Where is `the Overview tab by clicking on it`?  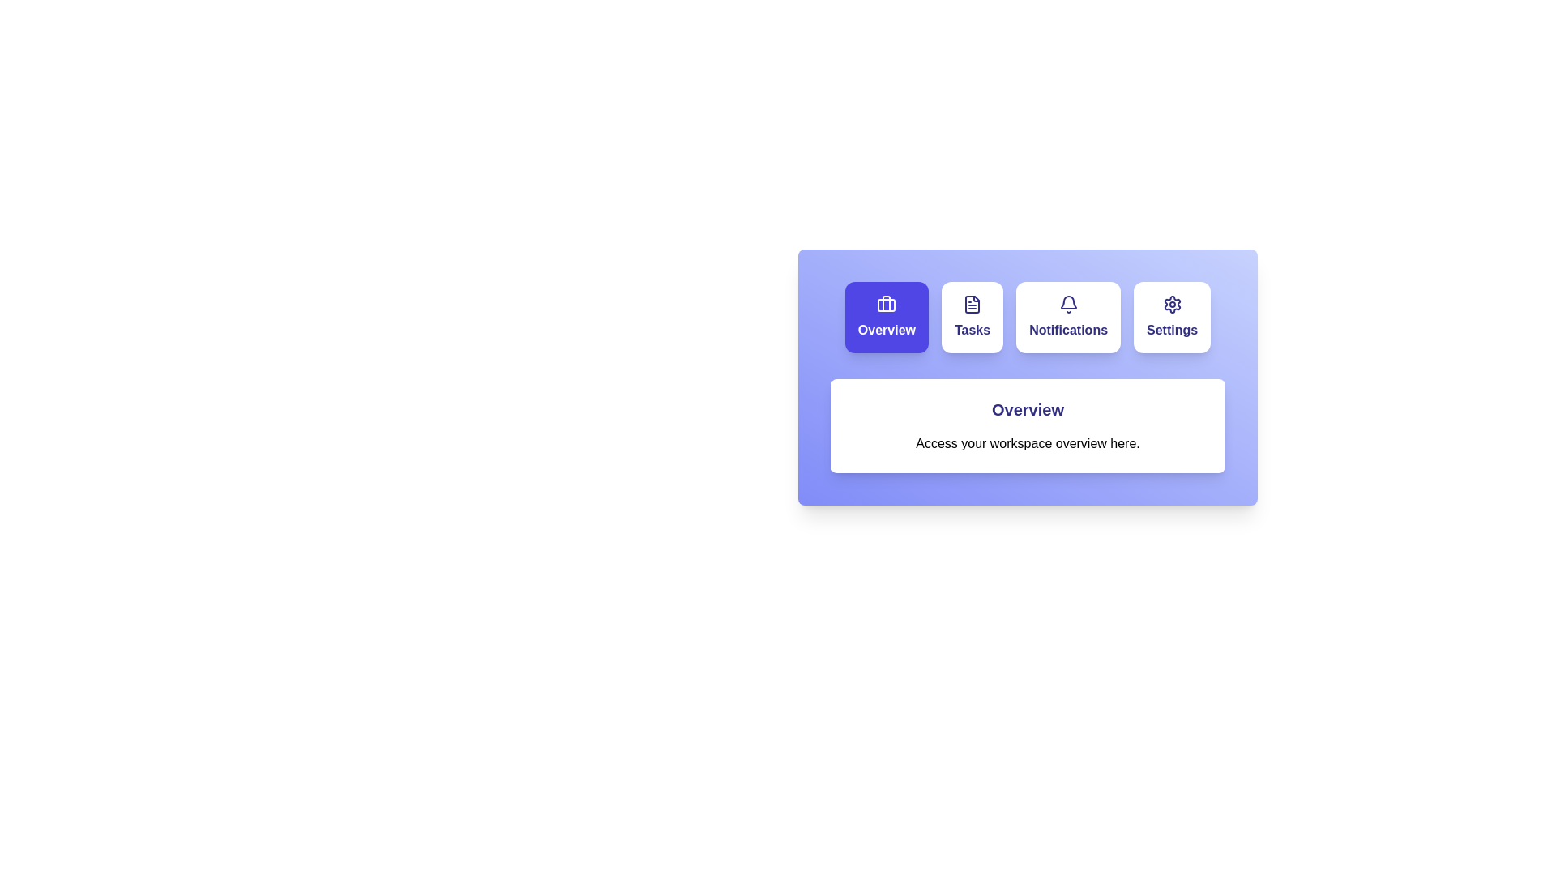
the Overview tab by clicking on it is located at coordinates (886, 318).